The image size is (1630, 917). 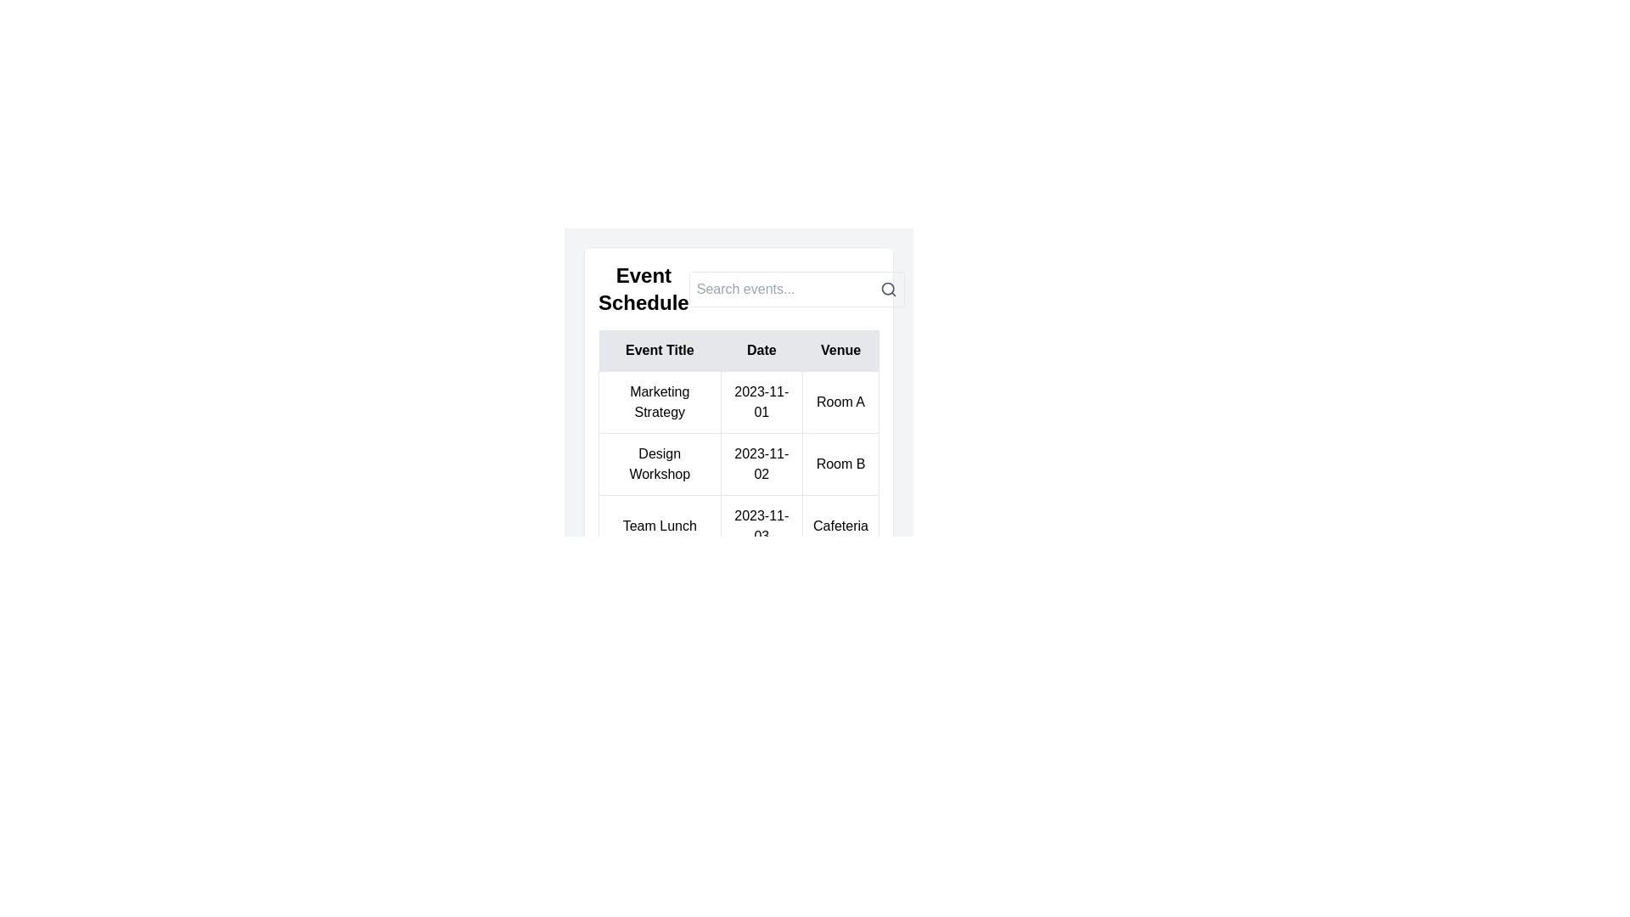 What do you see at coordinates (788, 588) in the screenshot?
I see `the first Circle SVG element located near the bottom-center of the interface, below the event schedule table` at bounding box center [788, 588].